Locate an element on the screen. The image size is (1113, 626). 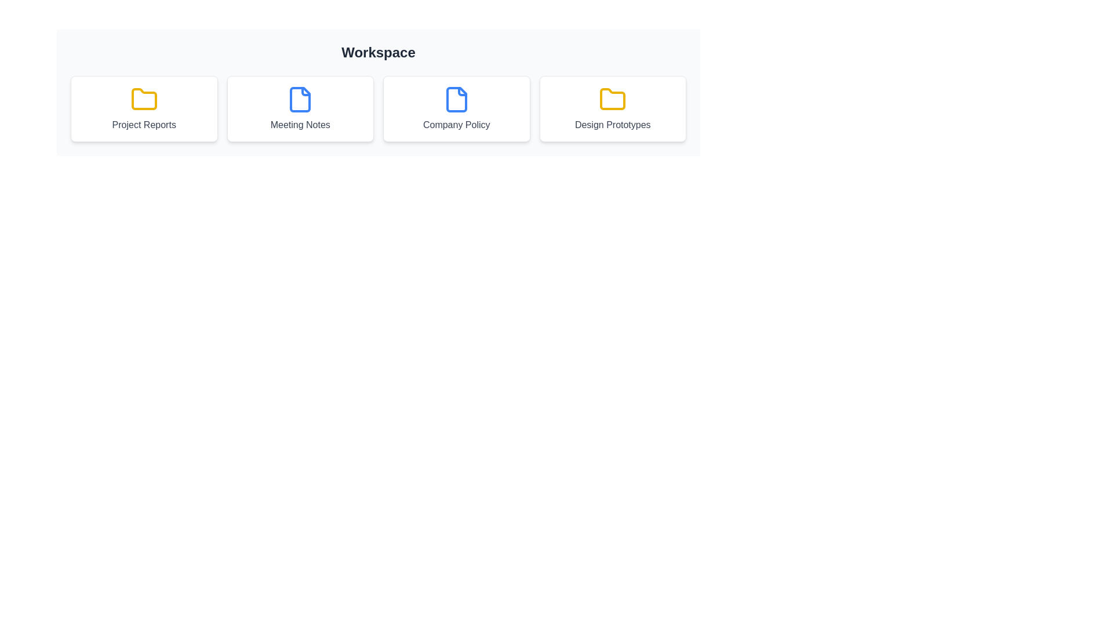
the icon representing the 'Company Policy' section, which is visually identified as a document or file, located in the center of the 'Company Policy' component is located at coordinates (456, 99).